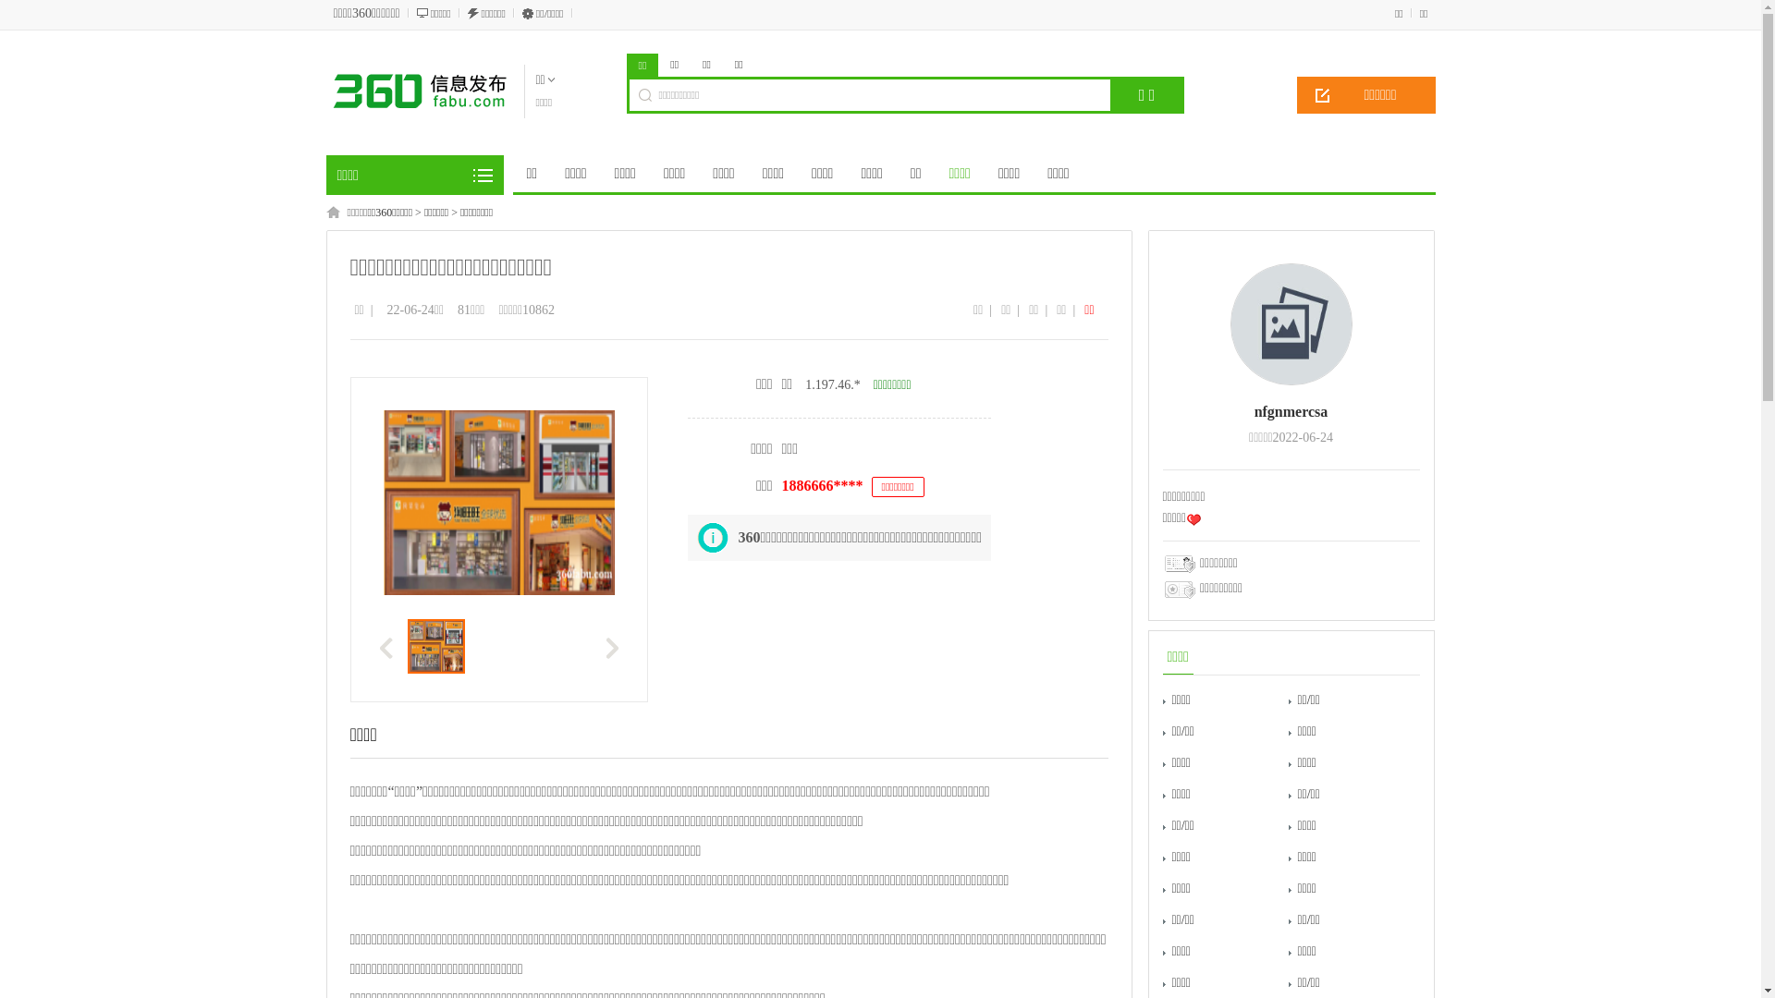 The image size is (1775, 998). Describe the element at coordinates (1290, 410) in the screenshot. I see `'nfgnmercsa'` at that location.